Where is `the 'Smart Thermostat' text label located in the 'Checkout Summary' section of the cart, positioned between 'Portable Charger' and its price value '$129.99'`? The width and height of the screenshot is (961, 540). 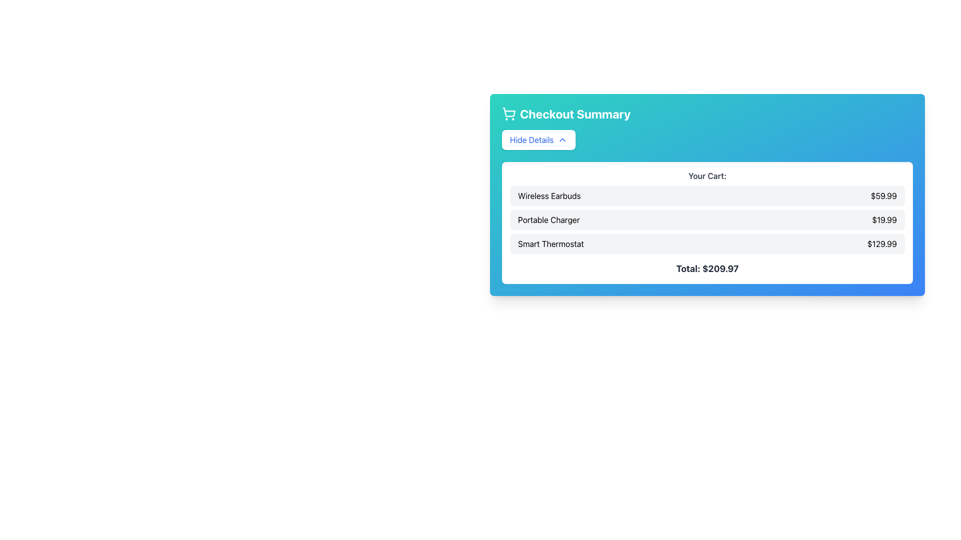 the 'Smart Thermostat' text label located in the 'Checkout Summary' section of the cart, positioned between 'Portable Charger' and its price value '$129.99' is located at coordinates (550, 244).